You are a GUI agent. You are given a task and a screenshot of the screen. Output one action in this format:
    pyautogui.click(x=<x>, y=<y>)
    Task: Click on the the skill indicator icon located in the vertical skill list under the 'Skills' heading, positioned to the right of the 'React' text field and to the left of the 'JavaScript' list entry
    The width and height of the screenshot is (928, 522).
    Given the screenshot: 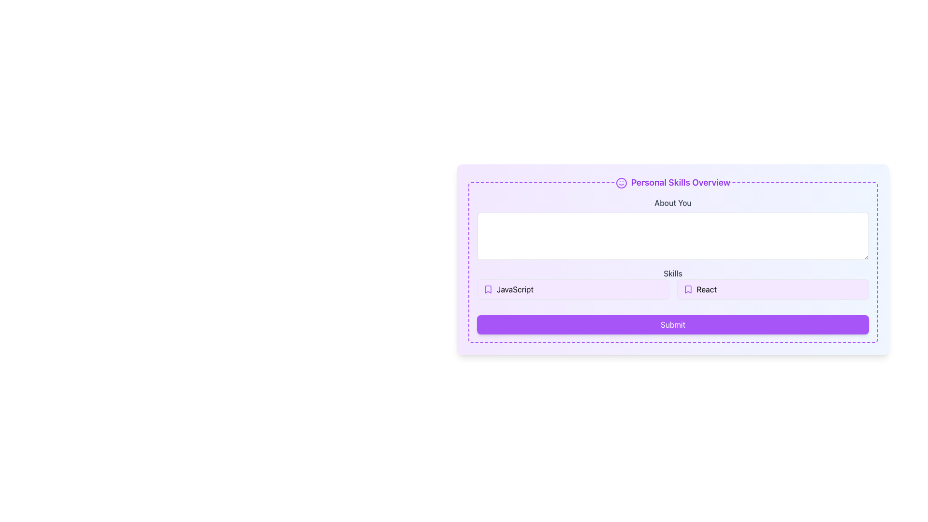 What is the action you would take?
    pyautogui.click(x=488, y=289)
    